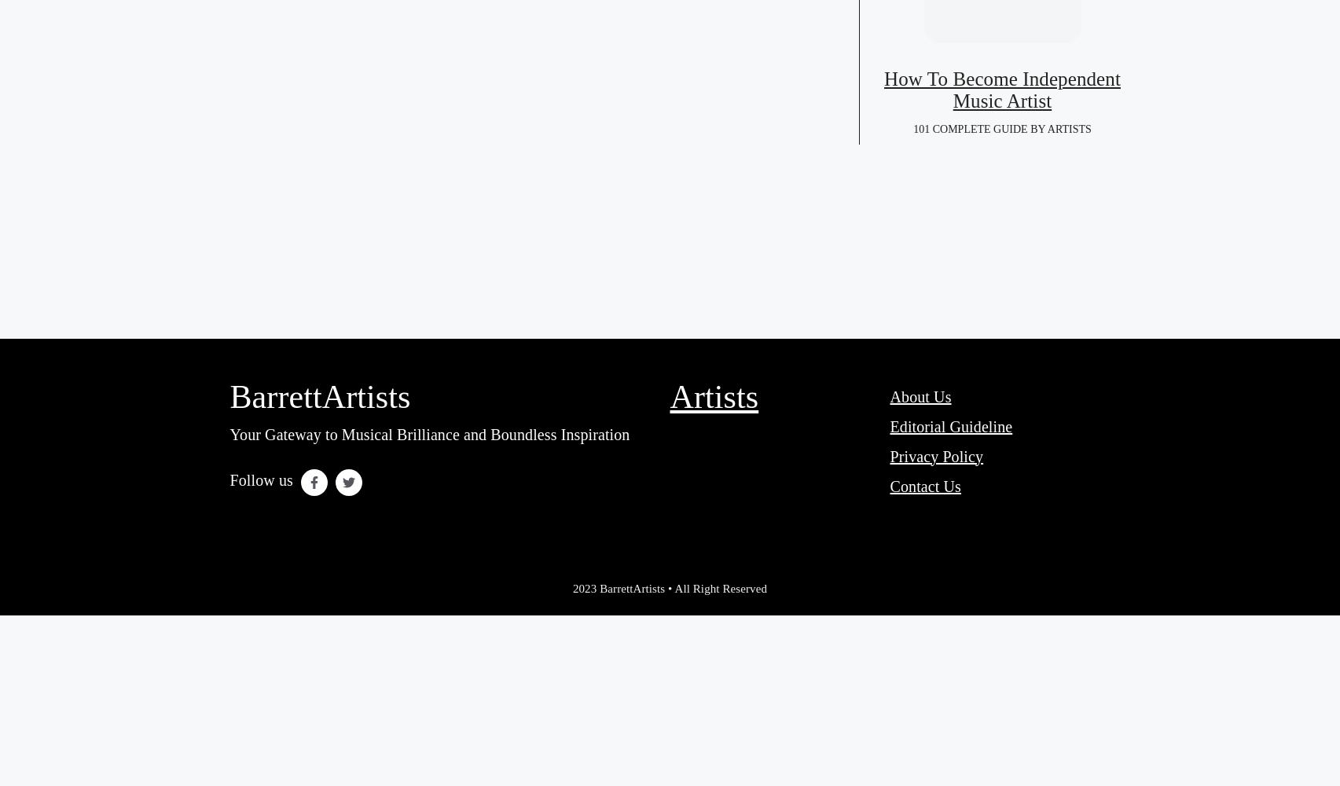  I want to click on '2023 BarrettArtists • All Right Reserved', so click(669, 587).